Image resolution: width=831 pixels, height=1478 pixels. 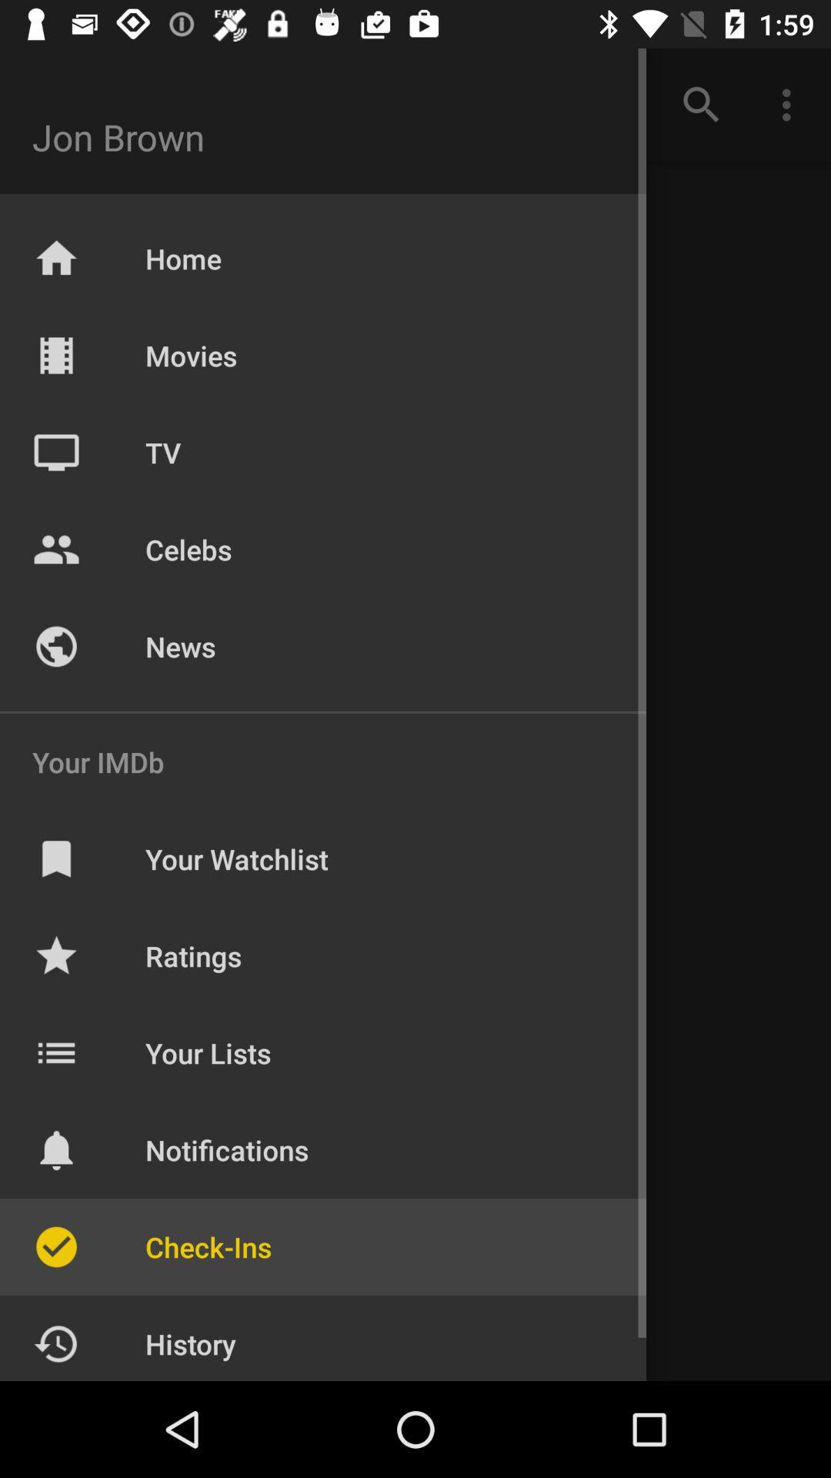 What do you see at coordinates (790, 105) in the screenshot?
I see `the button beside search icon` at bounding box center [790, 105].